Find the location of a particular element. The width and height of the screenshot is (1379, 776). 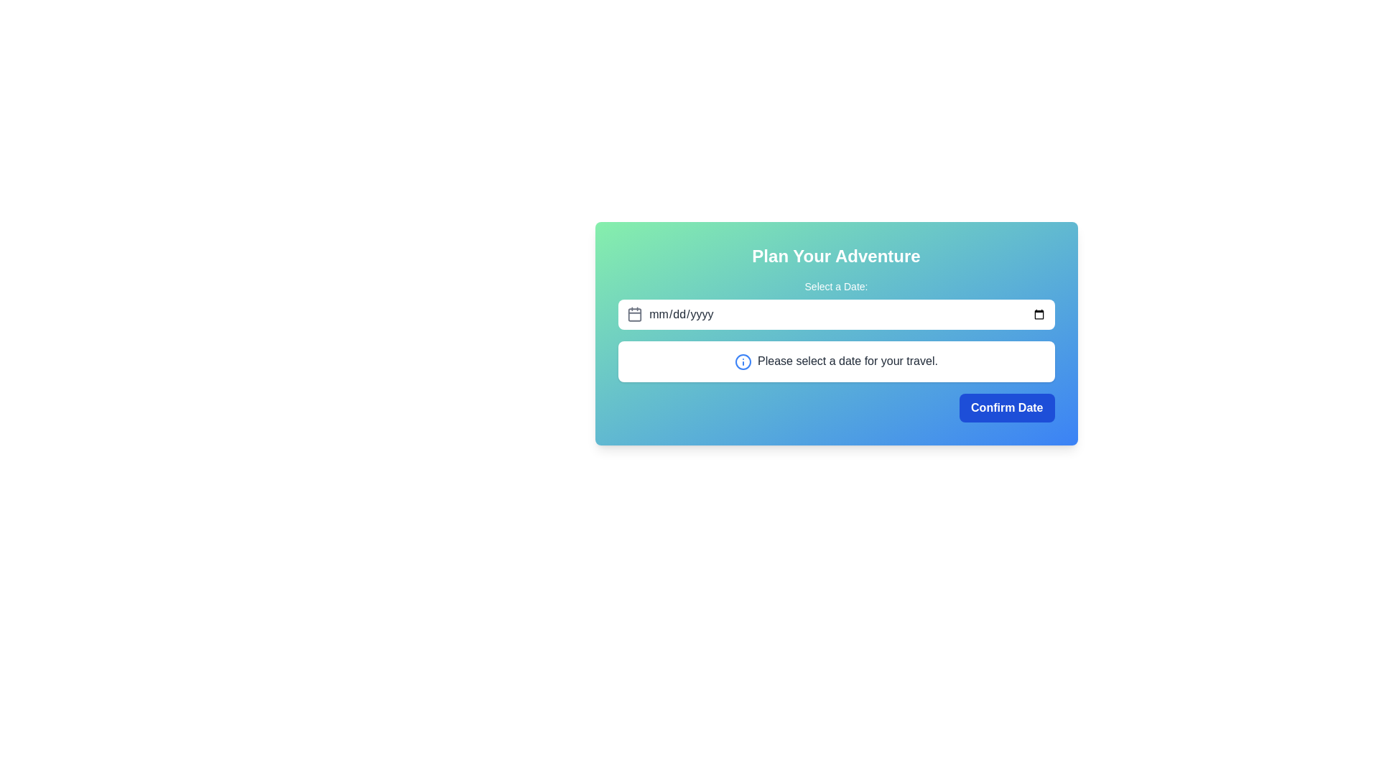

the informational message box that guides the user to select a date for their travel, located below the date input field and above the 'Confirm Date' button is located at coordinates (836, 361).